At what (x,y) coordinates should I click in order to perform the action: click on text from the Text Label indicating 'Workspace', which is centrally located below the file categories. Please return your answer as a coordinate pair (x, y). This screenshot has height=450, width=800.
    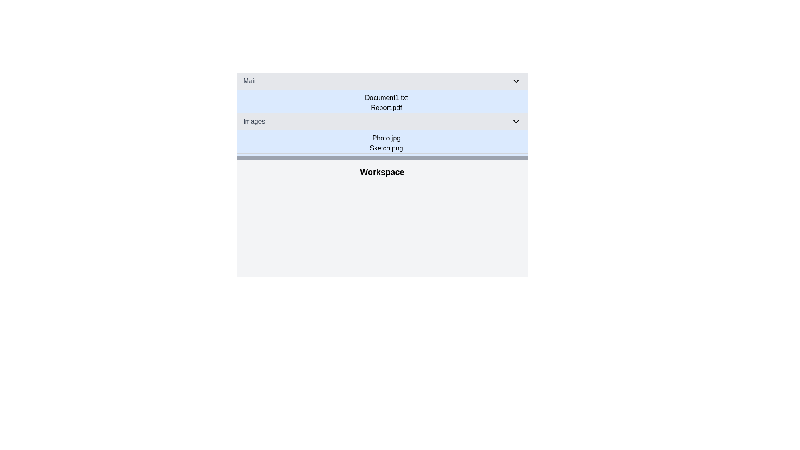
    Looking at the image, I should click on (382, 171).